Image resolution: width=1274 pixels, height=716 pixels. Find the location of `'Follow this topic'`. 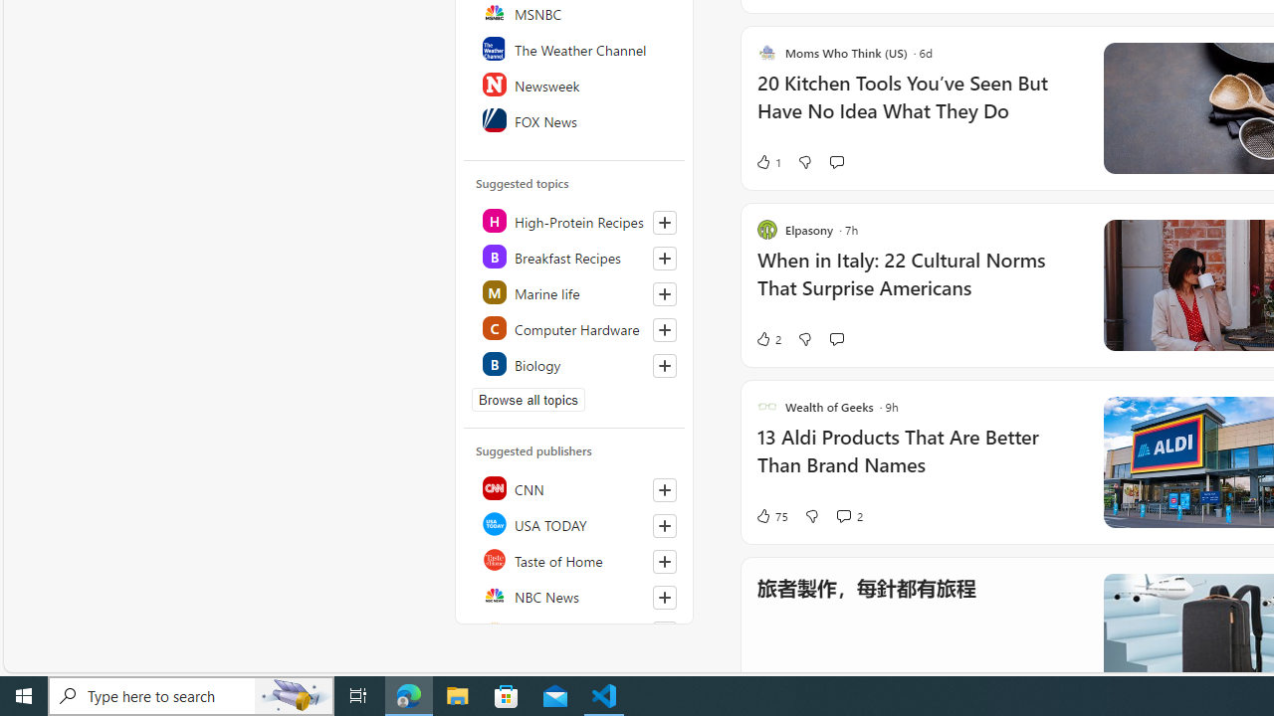

'Follow this topic' is located at coordinates (665, 365).